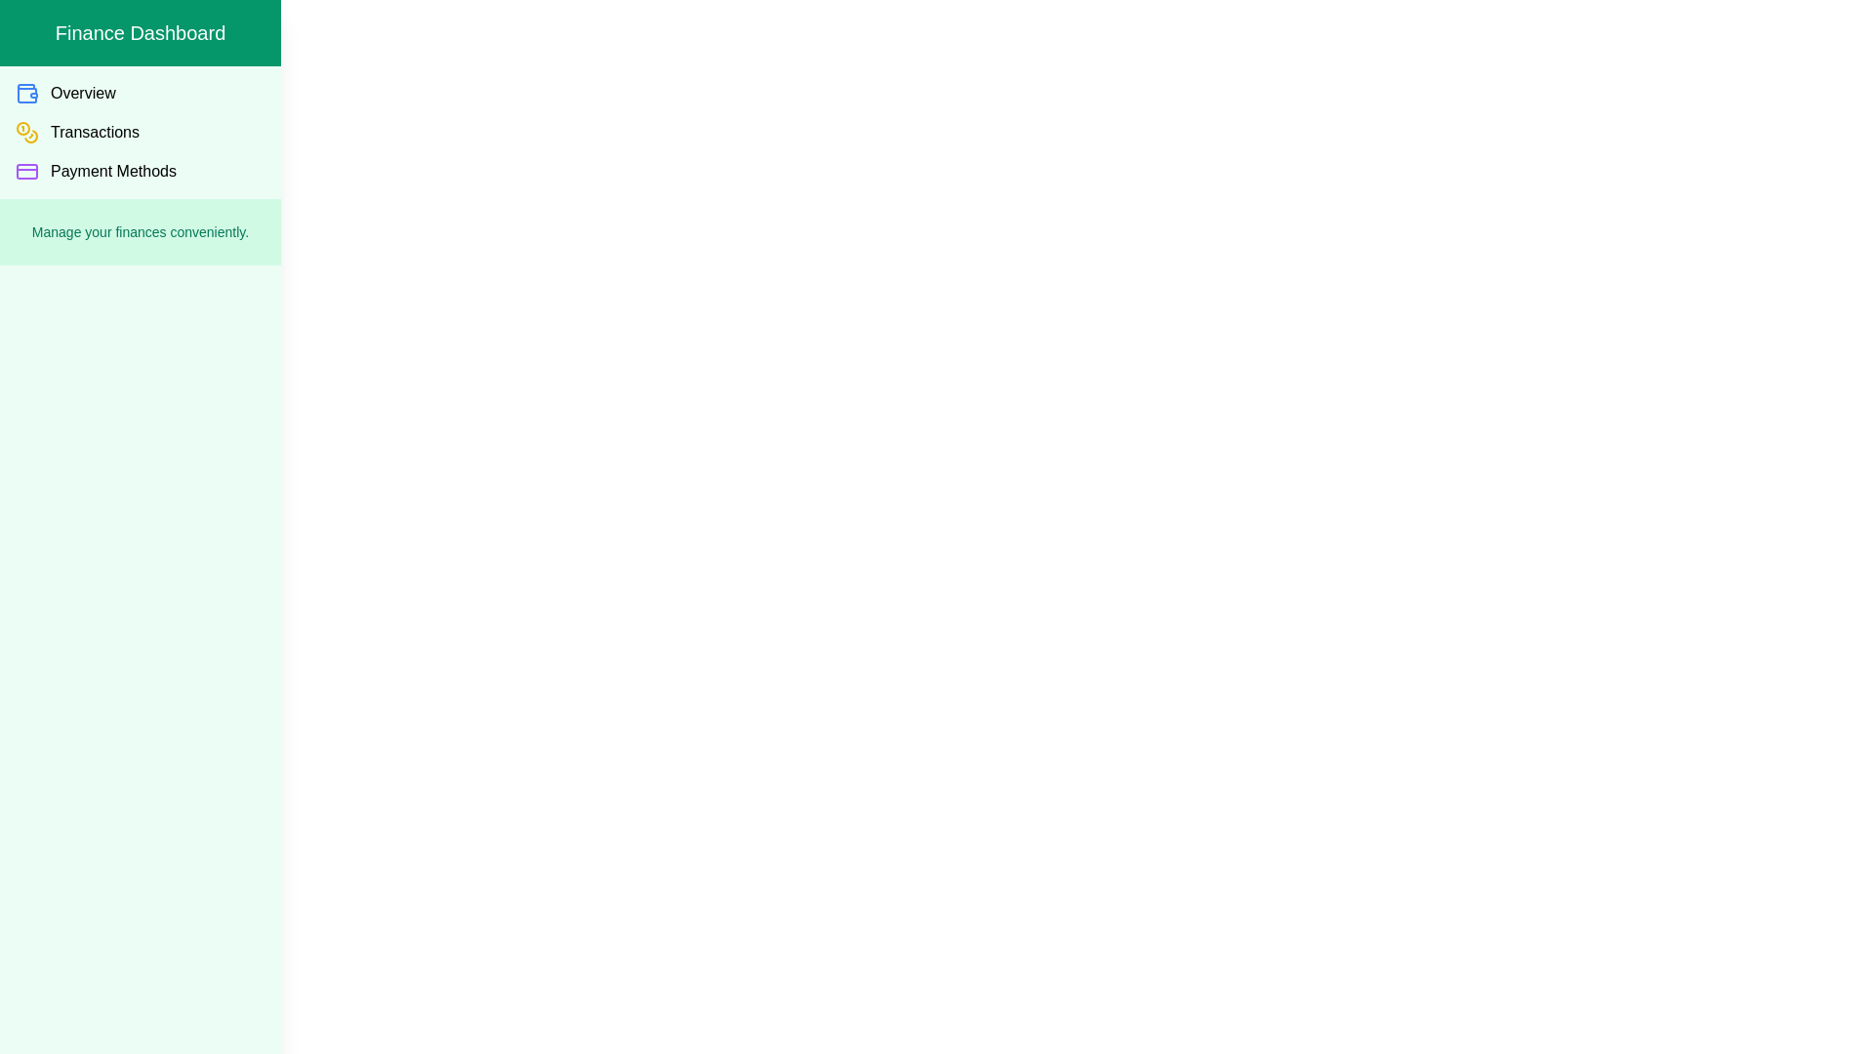  I want to click on the 'Transactions' item in the drawer, so click(140, 132).